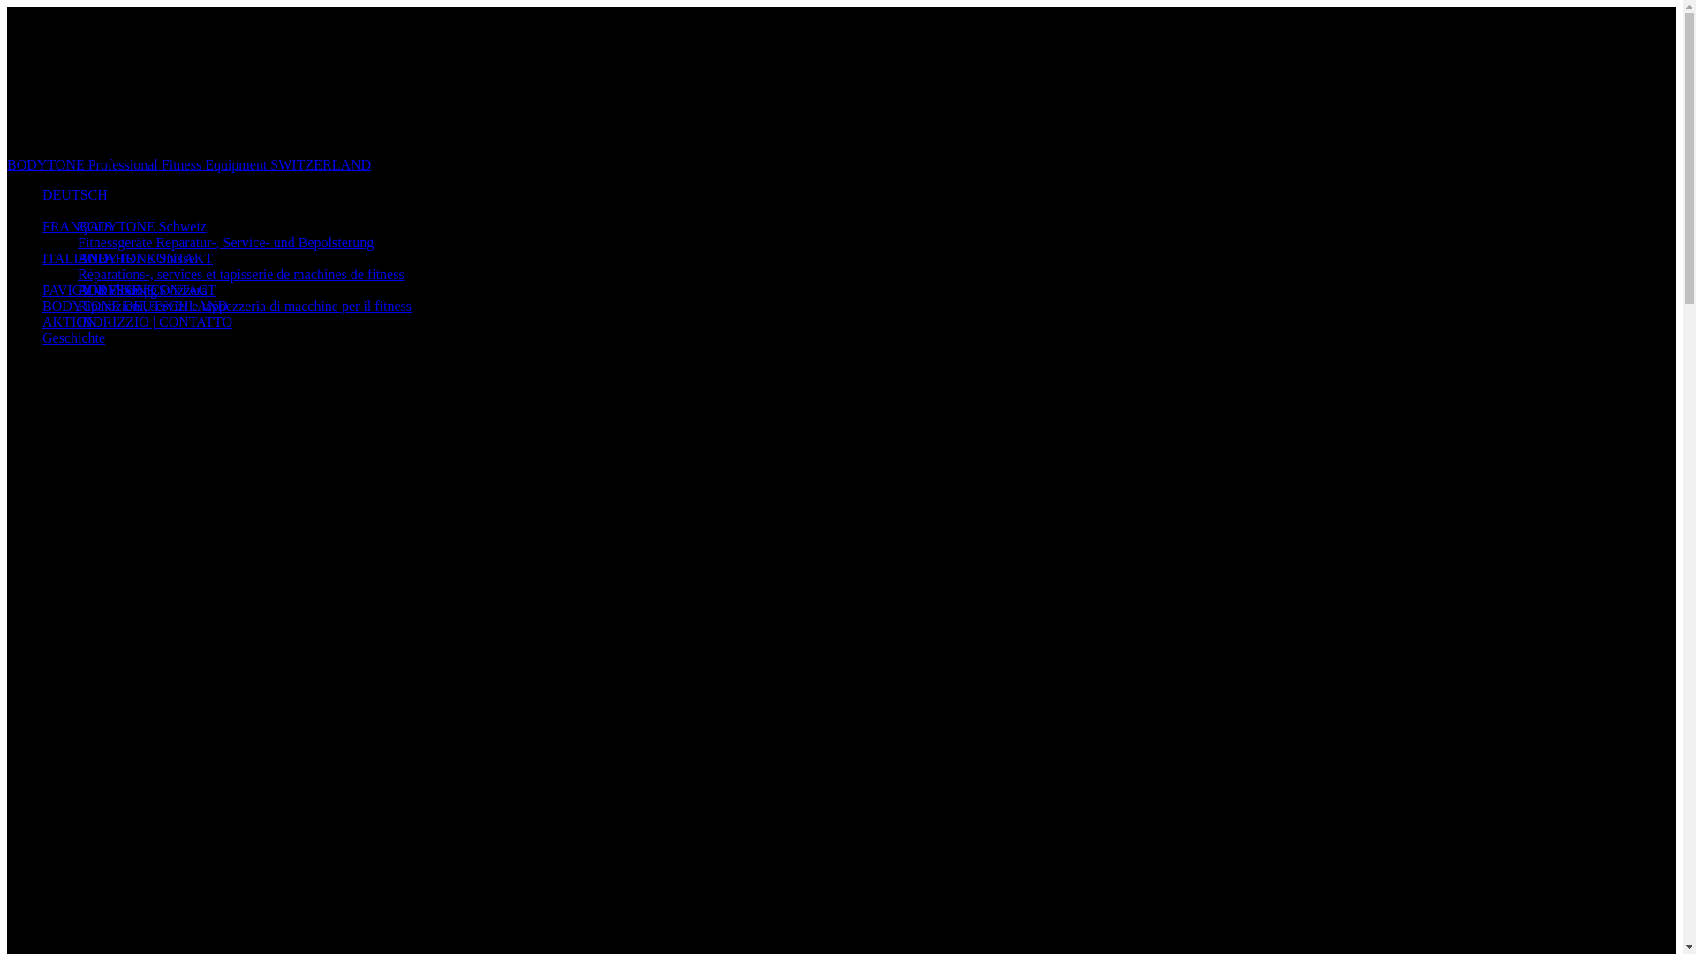 Image resolution: width=1696 pixels, height=954 pixels. Describe the element at coordinates (145, 258) in the screenshot. I see `'ANFAHRT KONTAKT'` at that location.